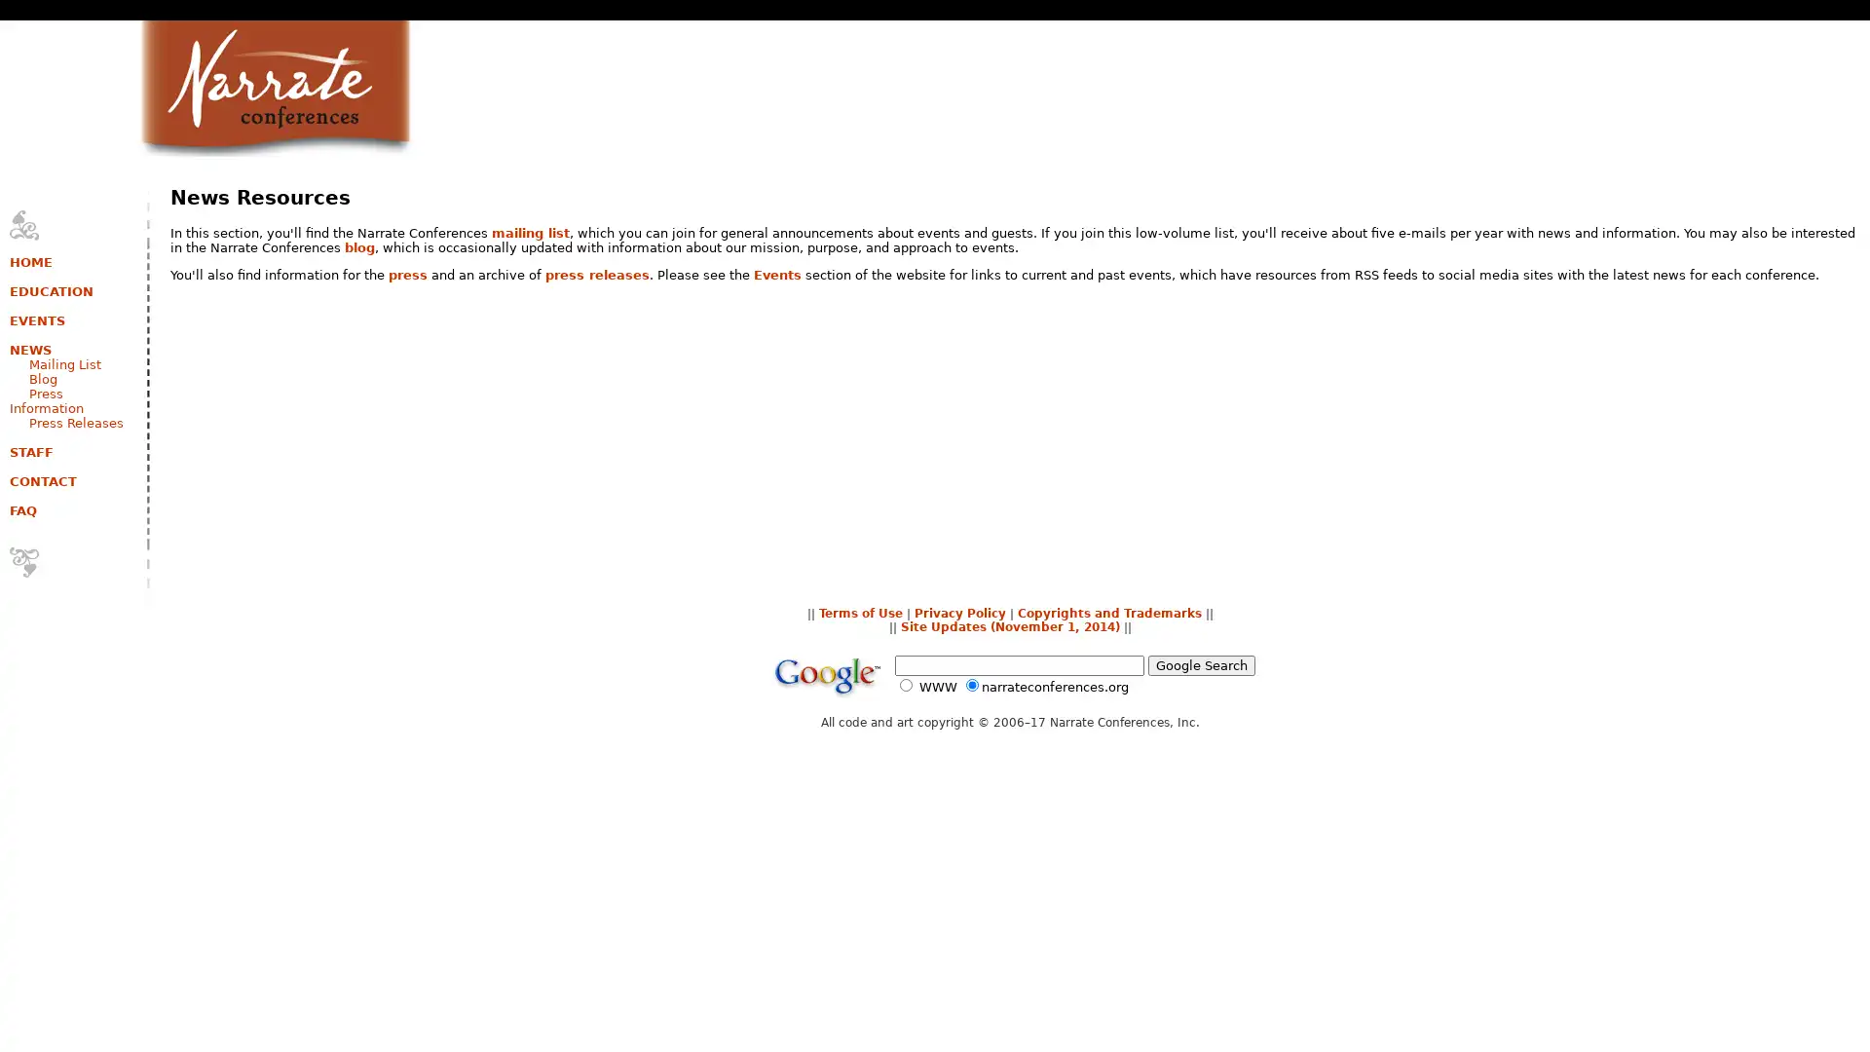  What do you see at coordinates (1200, 663) in the screenshot?
I see `Google Search` at bounding box center [1200, 663].